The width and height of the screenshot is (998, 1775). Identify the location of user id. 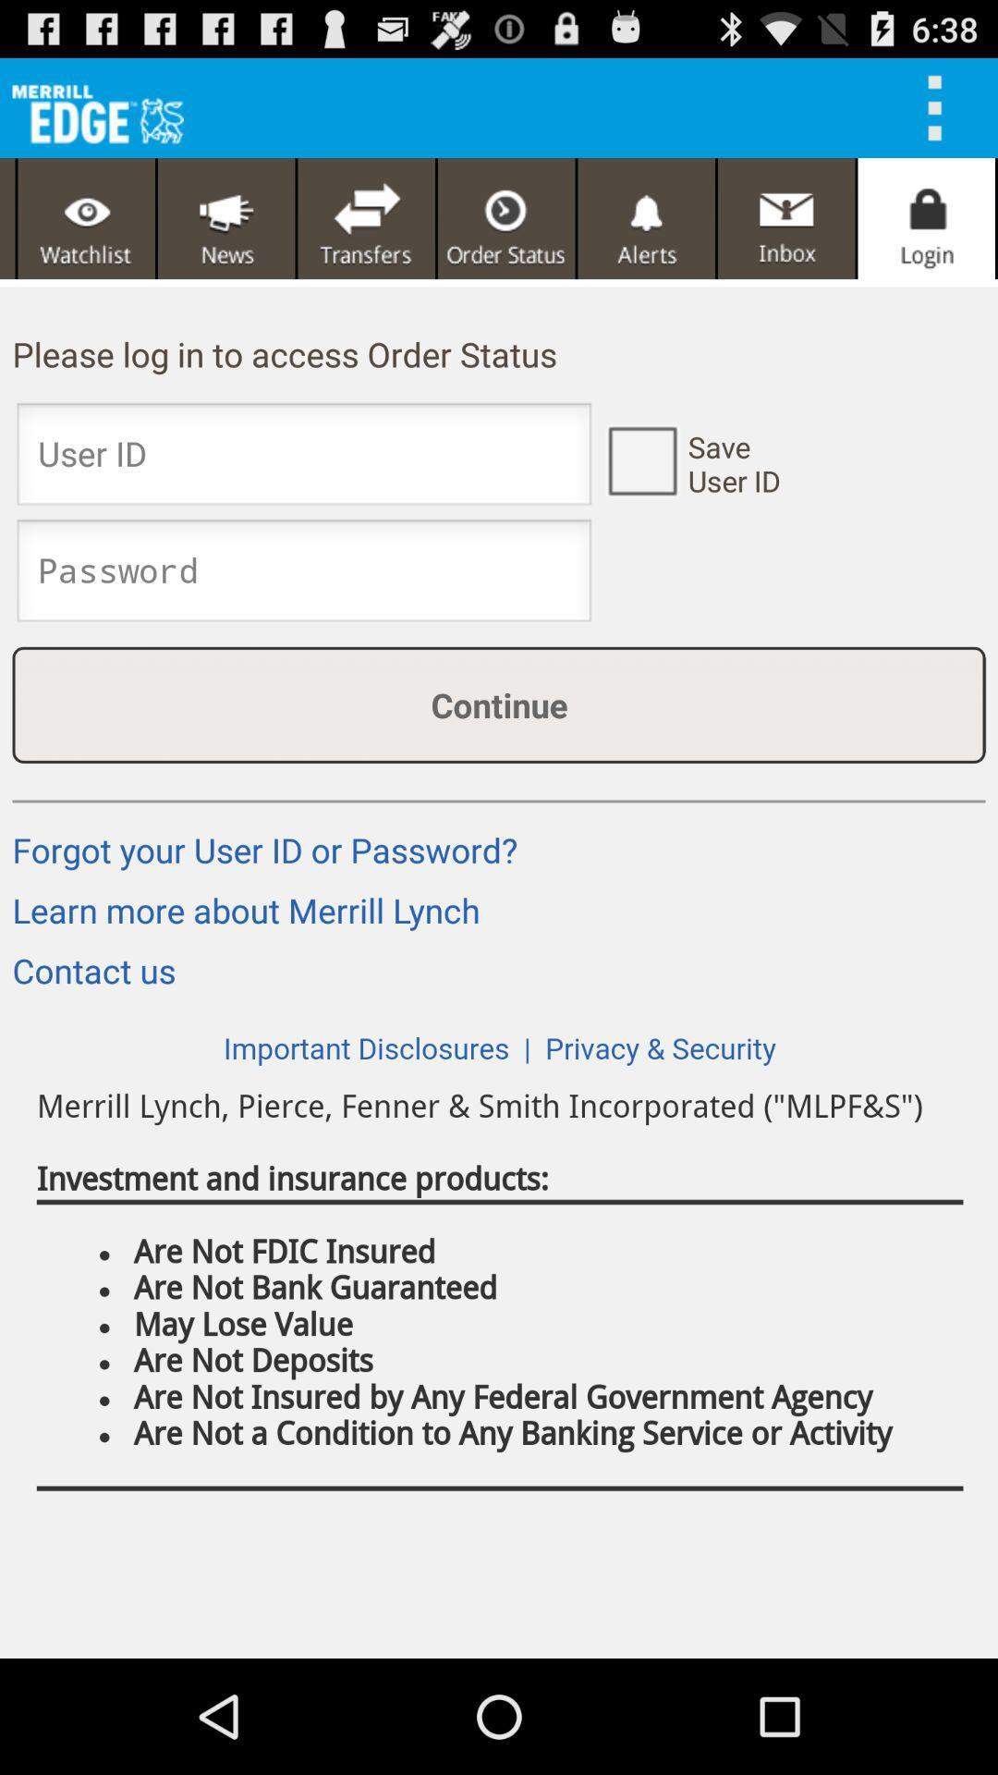
(303, 459).